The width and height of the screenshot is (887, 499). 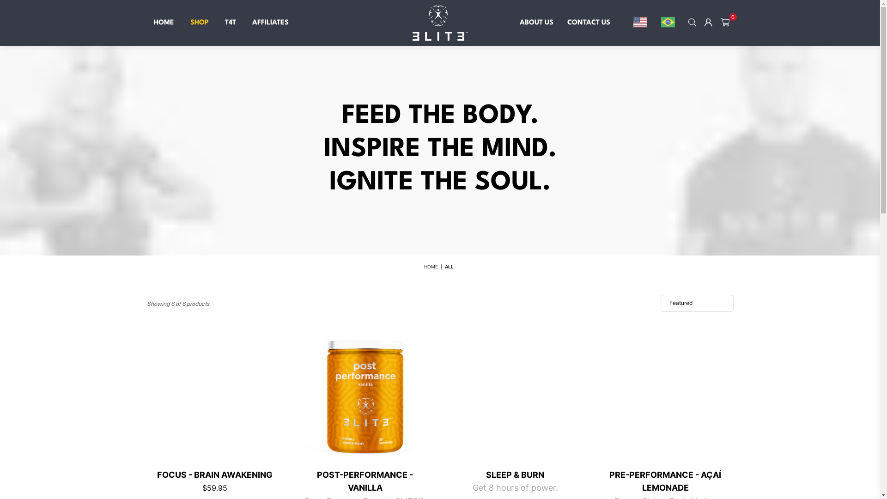 I want to click on 'FOCUS - BRAIN AWAKENING', so click(x=157, y=475).